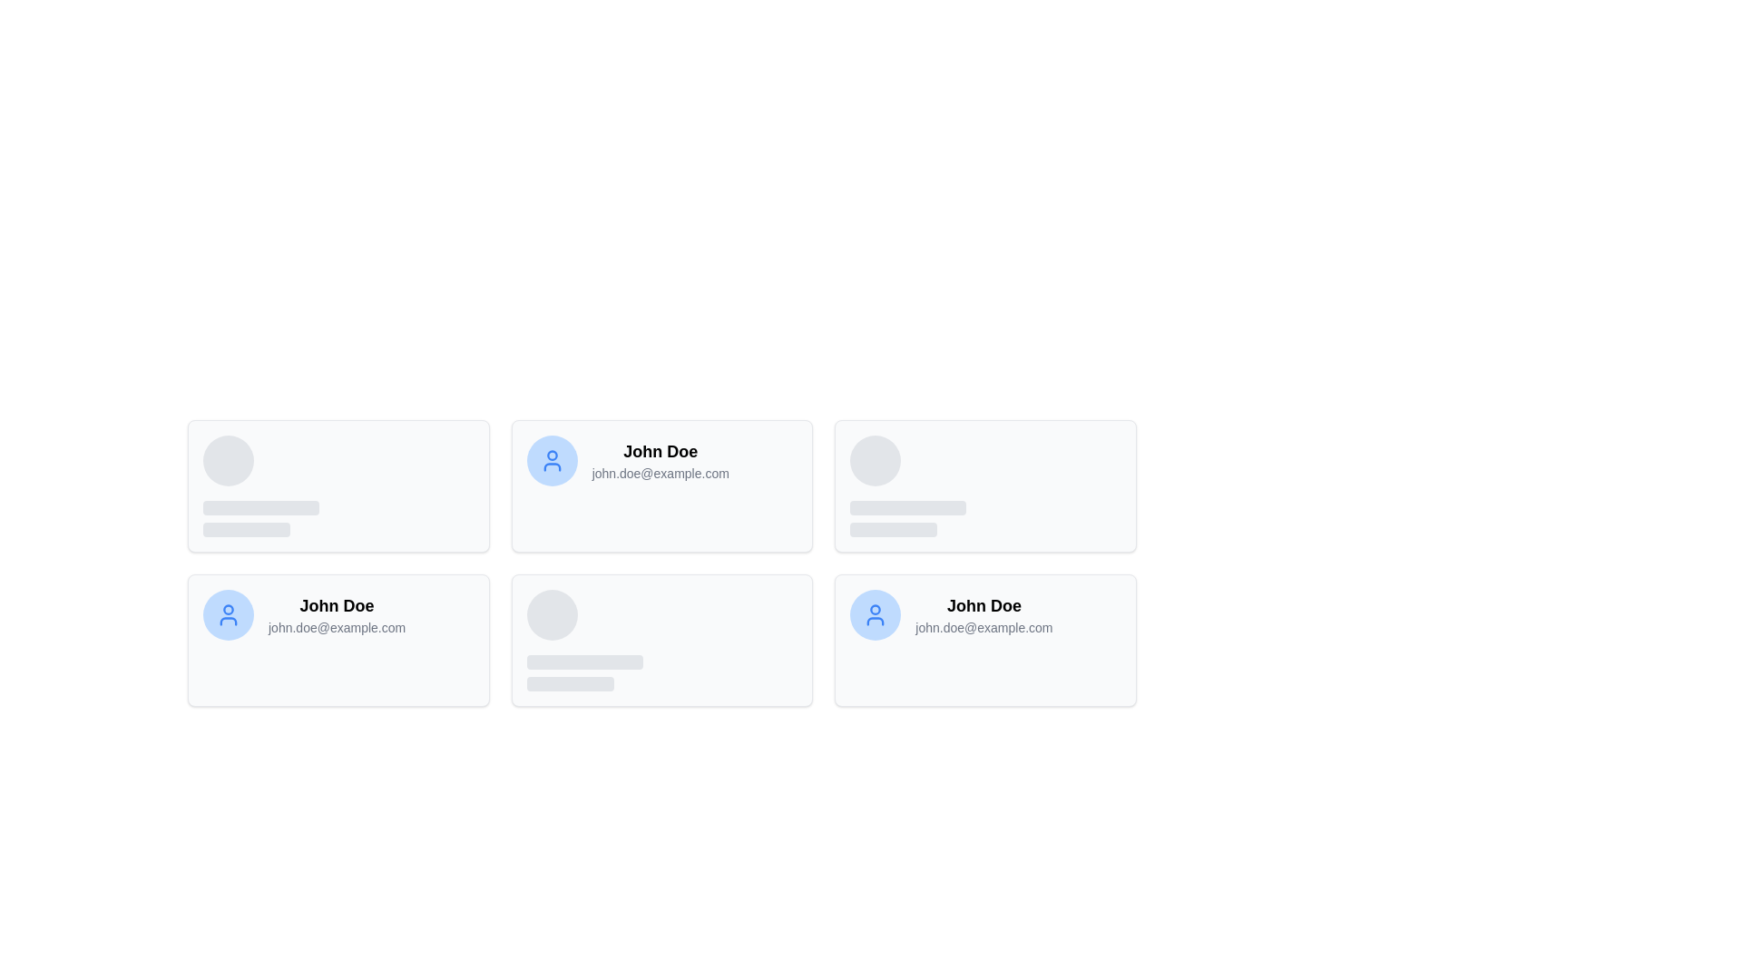 The width and height of the screenshot is (1742, 980). What do you see at coordinates (908, 485) in the screenshot?
I see `the Loading placeholder element, which is styled with the 'animate-pulse' class and located in the top right card of a grid of six cards` at bounding box center [908, 485].